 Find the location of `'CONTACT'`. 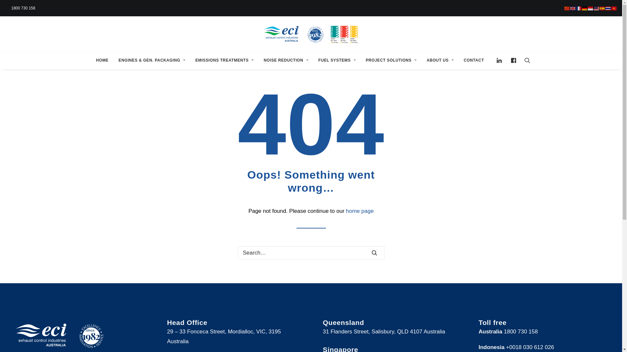

'CONTACT' is located at coordinates (472, 60).